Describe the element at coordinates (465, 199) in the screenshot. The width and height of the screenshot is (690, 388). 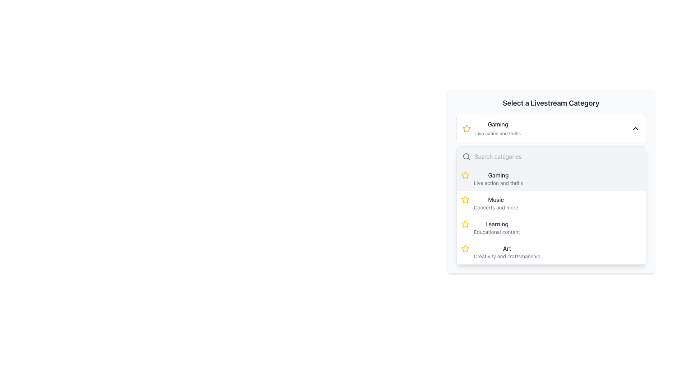
I see `the second star icon in the dropdown list representing the 'Music' category` at that location.